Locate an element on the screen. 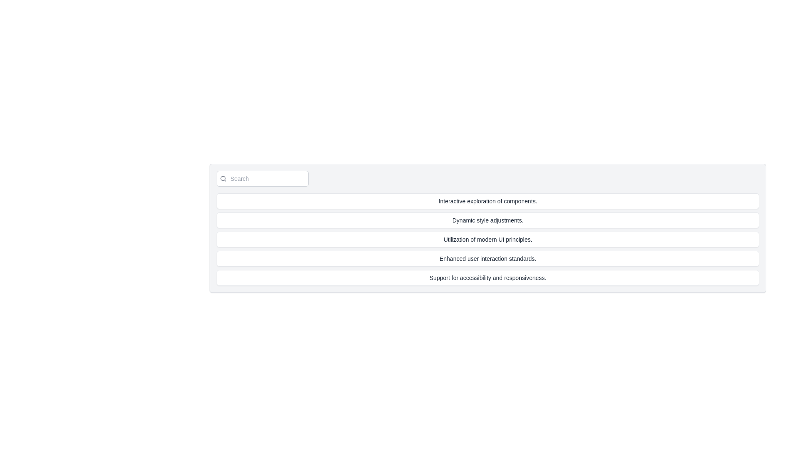 The image size is (800, 450). the letter 'a' in the word 'standards' within the phrase 'Enhanced user interaction standards.' which is the fourth entry in a vertically stacked list of text items is located at coordinates (524, 258).